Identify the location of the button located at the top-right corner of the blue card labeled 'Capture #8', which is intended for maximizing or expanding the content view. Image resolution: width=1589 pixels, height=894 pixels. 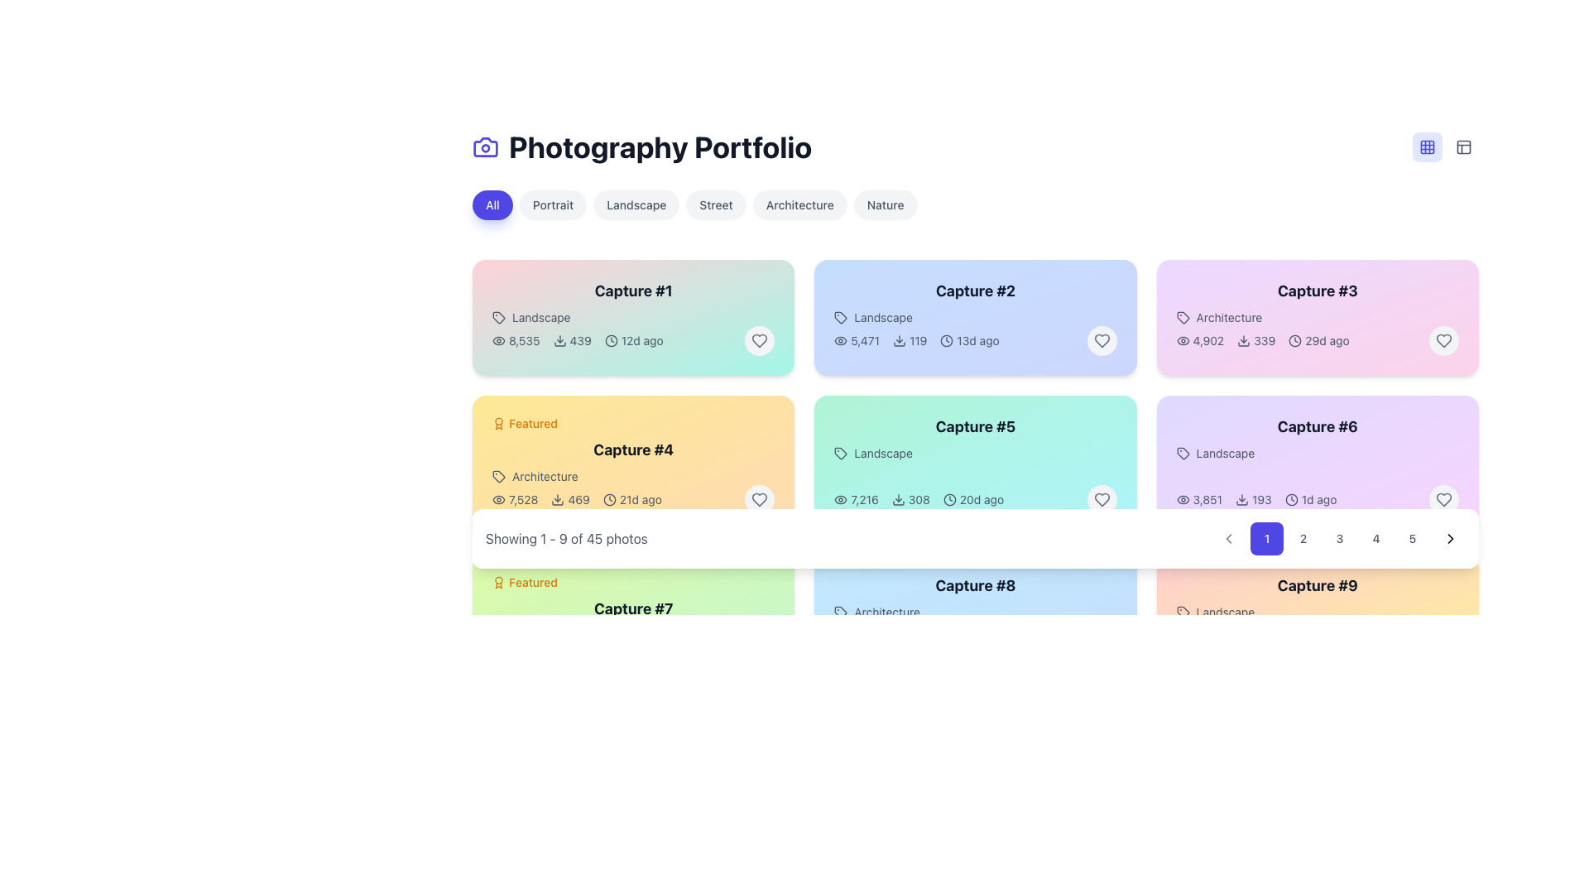
(1108, 582).